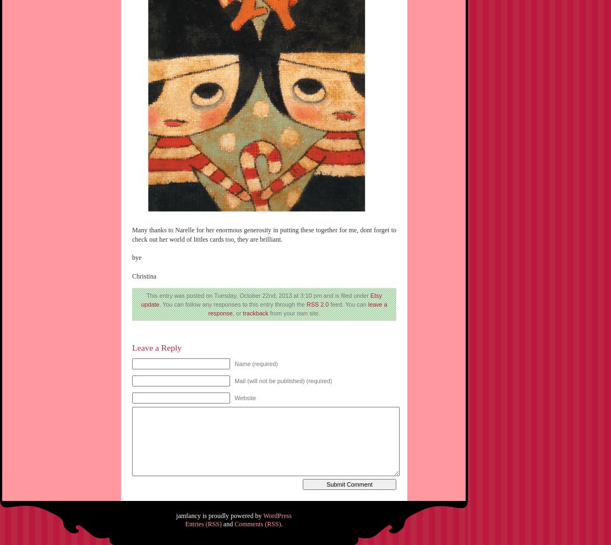  I want to click on 'Etsy update', so click(140, 299).